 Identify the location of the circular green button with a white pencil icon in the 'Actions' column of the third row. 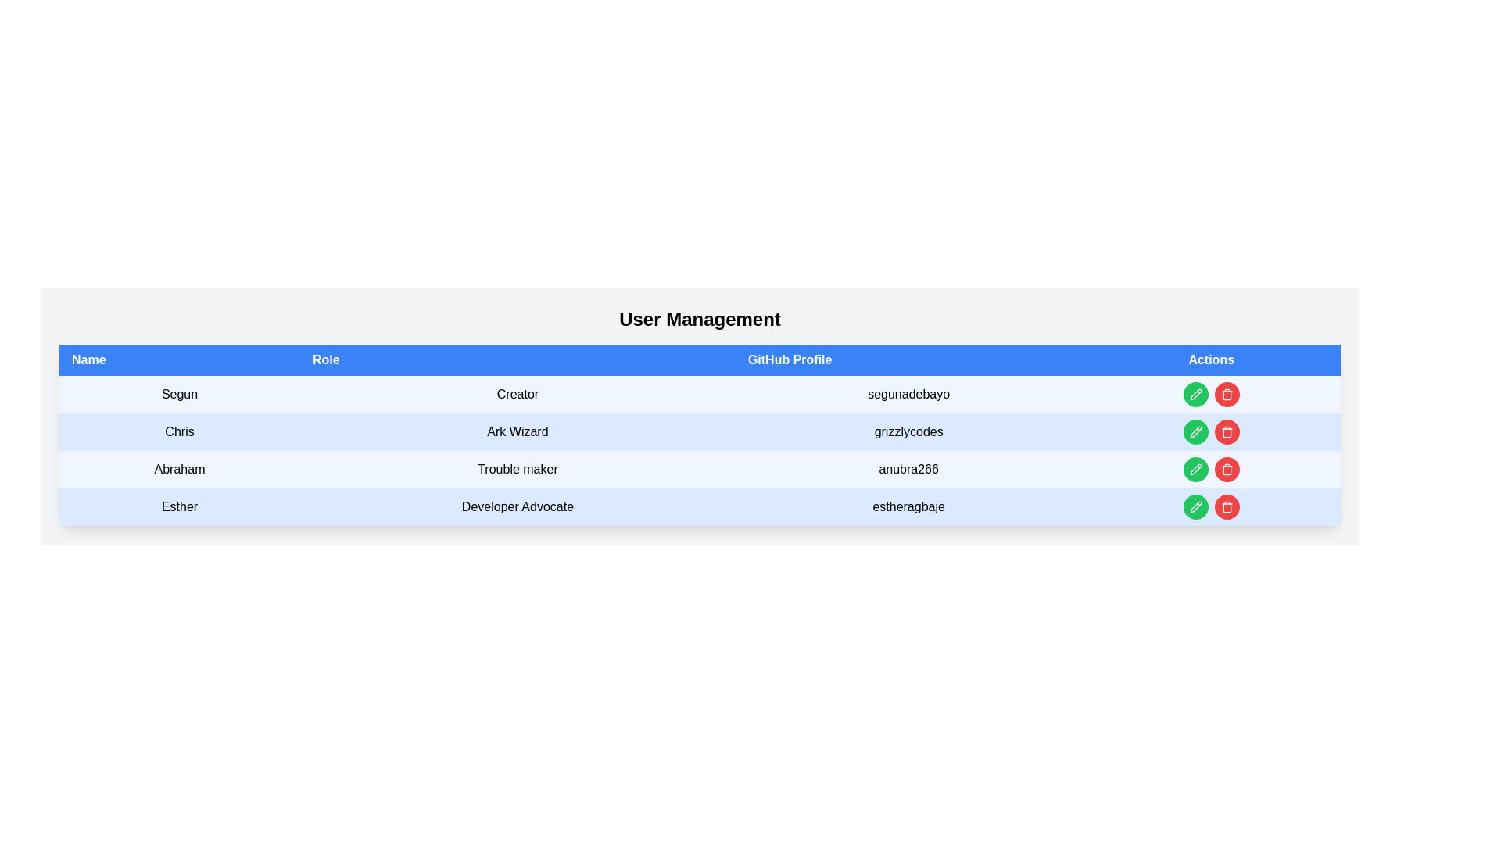
(1195, 431).